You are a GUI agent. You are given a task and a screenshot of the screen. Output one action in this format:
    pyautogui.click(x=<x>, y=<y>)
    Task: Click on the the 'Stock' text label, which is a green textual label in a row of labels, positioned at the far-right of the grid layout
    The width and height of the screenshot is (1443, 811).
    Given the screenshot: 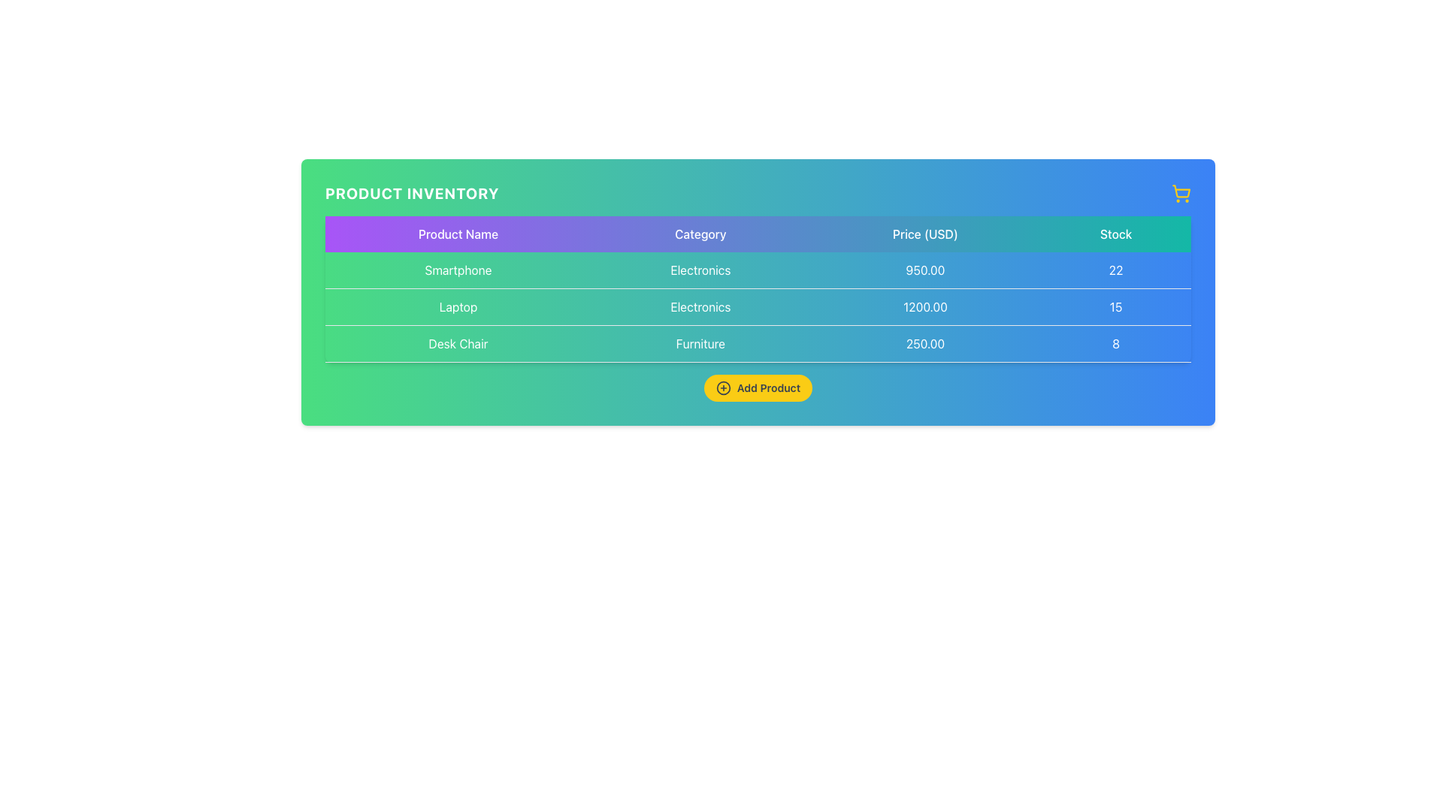 What is the action you would take?
    pyautogui.click(x=1116, y=234)
    